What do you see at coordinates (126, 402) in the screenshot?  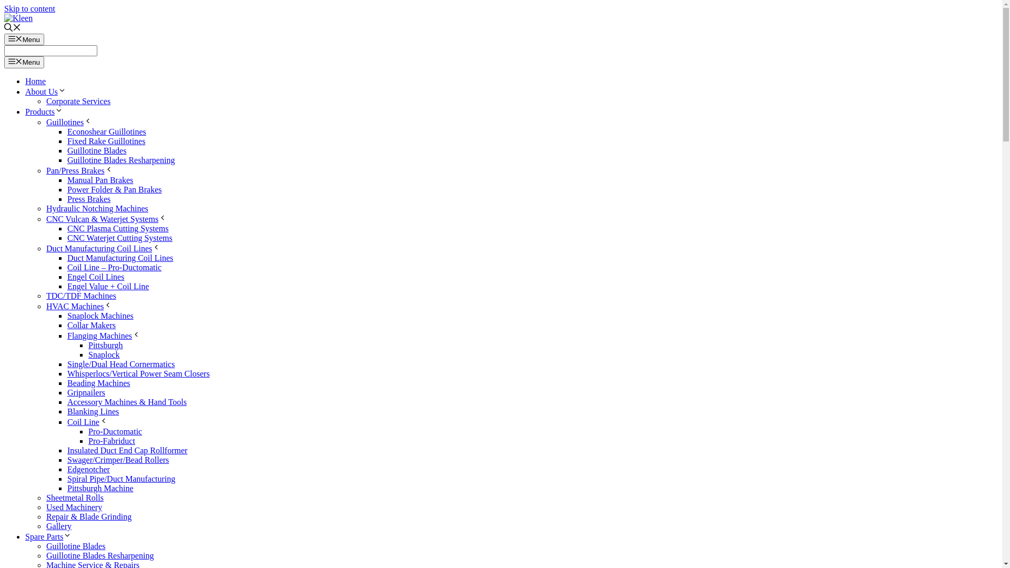 I see `'Accessory Machines & Hand Tools'` at bounding box center [126, 402].